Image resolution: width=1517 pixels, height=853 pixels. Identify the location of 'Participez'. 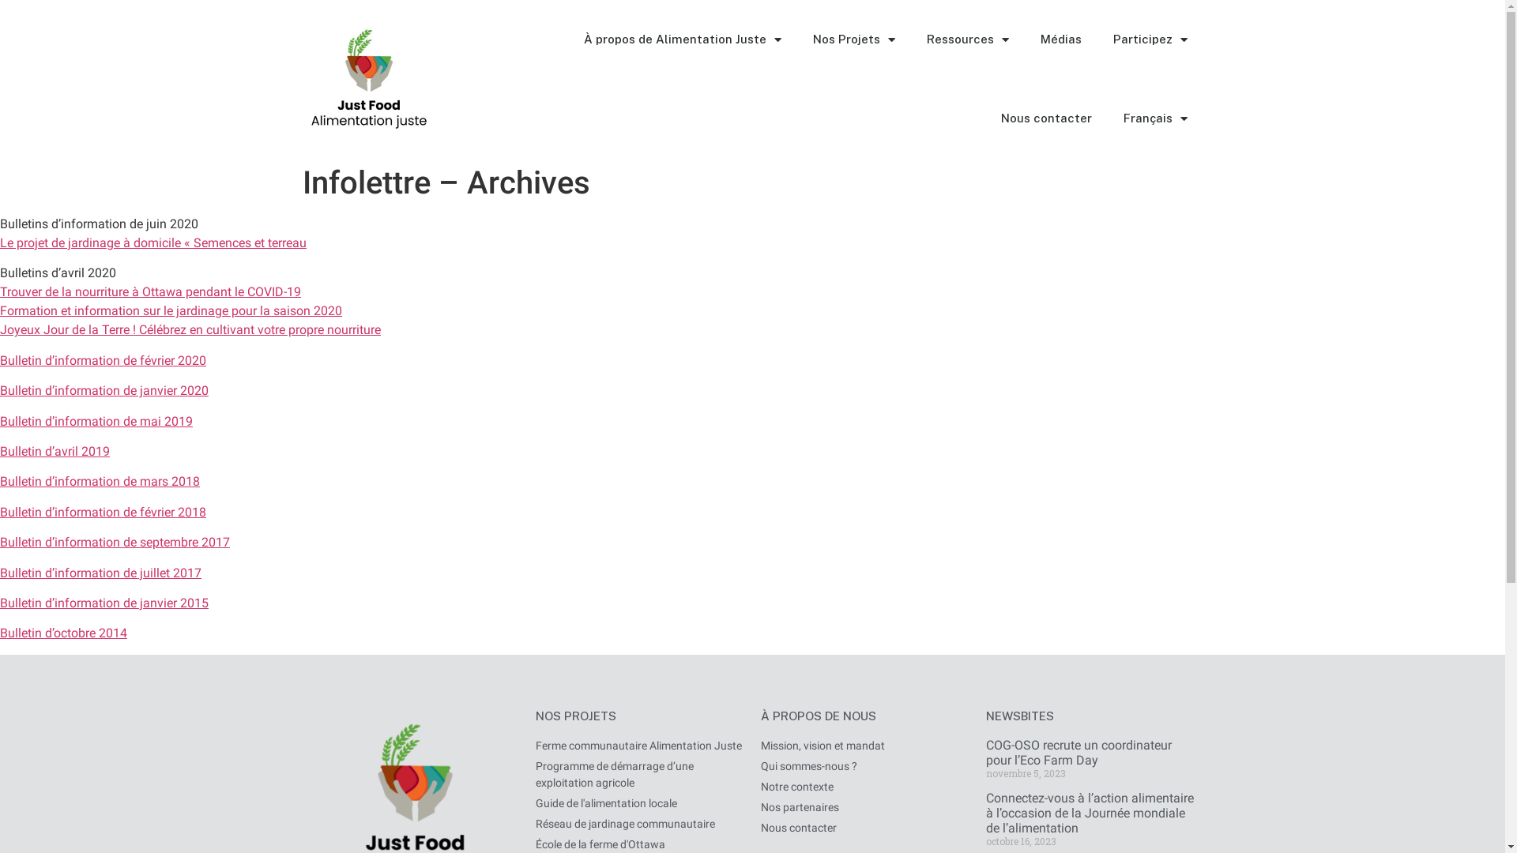
(1149, 39).